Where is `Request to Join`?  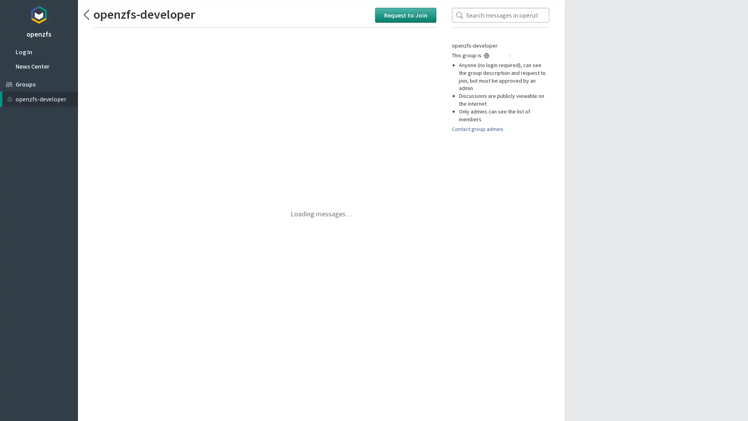
Request to Join is located at coordinates (405, 15).